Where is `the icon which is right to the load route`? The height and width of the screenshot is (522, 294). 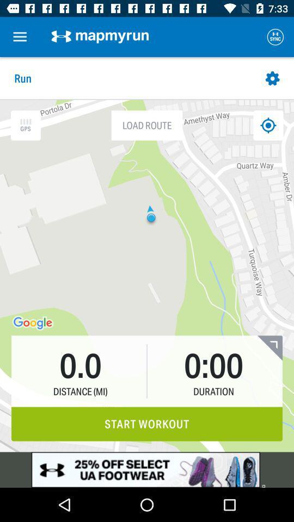
the icon which is right to the load route is located at coordinates (268, 125).